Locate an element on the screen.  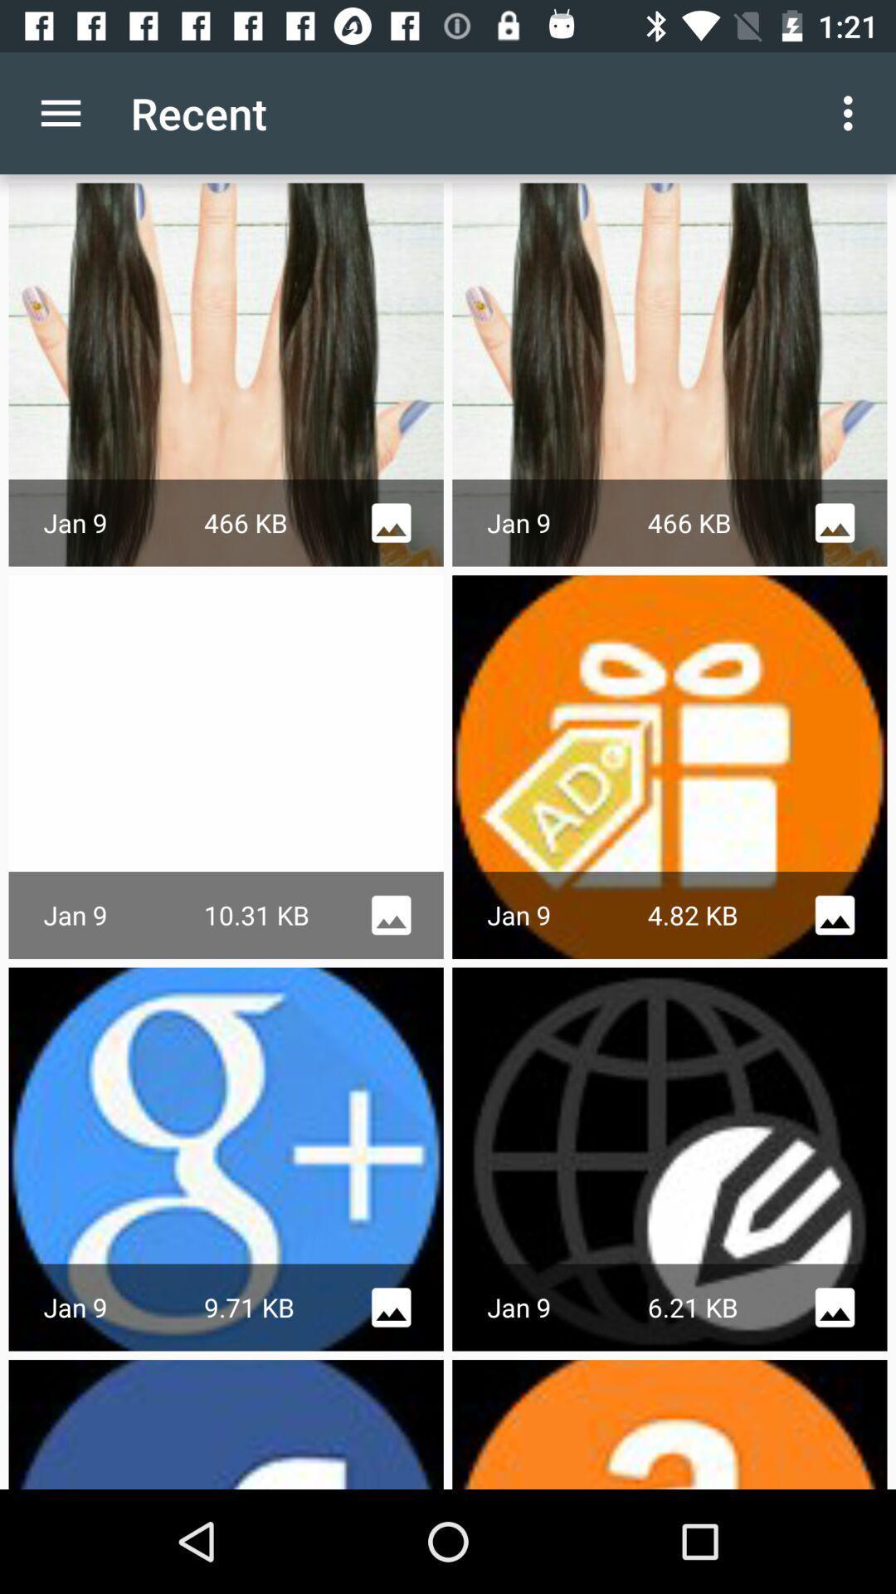
app to the right of the recent item is located at coordinates (852, 112).